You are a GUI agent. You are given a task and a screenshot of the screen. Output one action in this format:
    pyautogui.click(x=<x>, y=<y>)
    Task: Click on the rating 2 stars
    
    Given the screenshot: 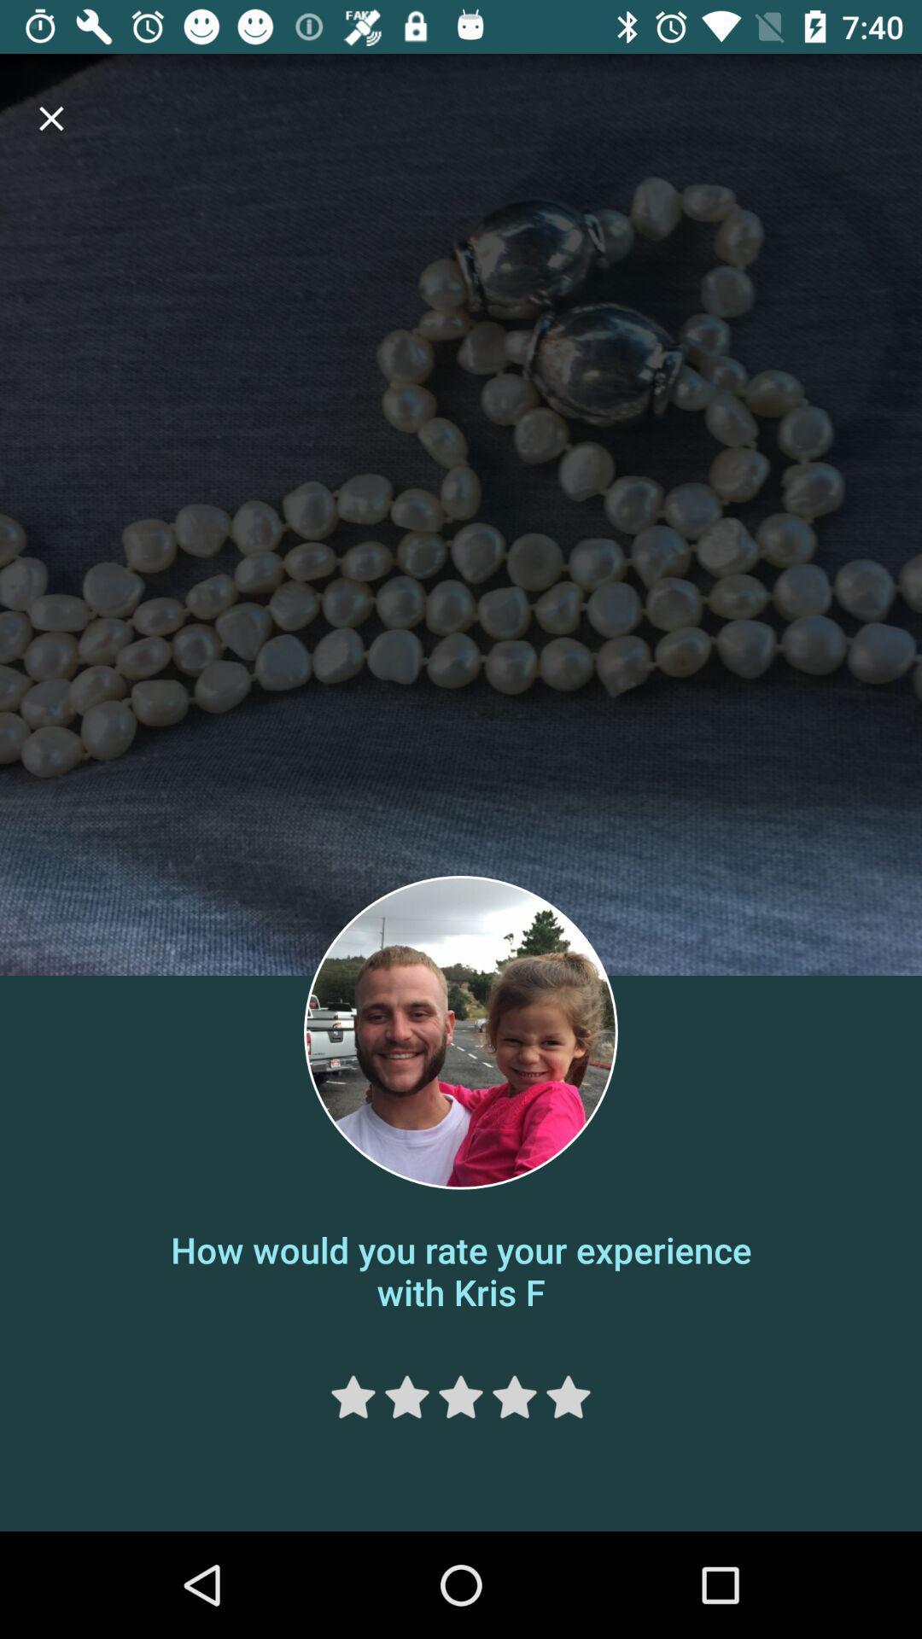 What is the action you would take?
    pyautogui.click(x=407, y=1397)
    